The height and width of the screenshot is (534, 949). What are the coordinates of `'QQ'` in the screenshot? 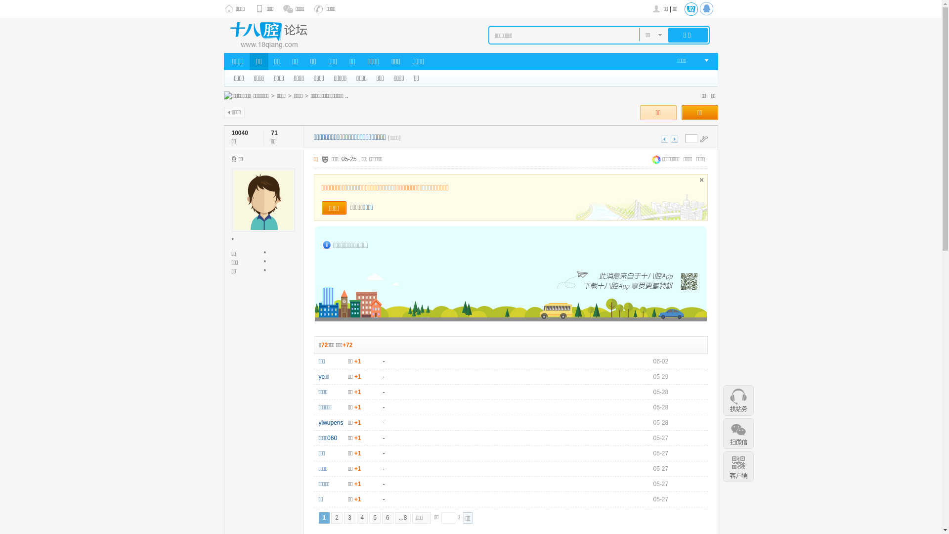 It's located at (707, 9).